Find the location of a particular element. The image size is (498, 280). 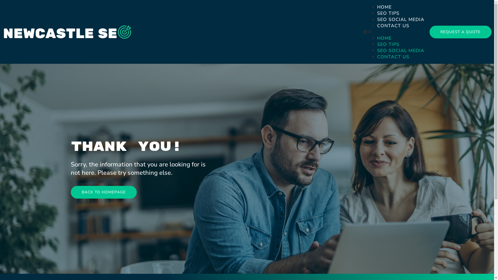

'HOME' is located at coordinates (384, 38).